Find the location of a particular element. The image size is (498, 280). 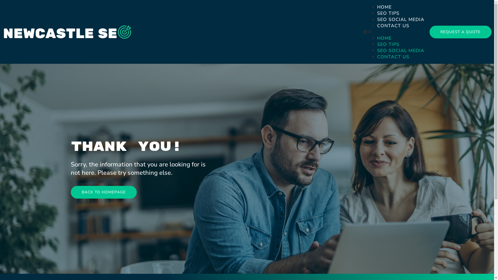

'HOME' is located at coordinates (384, 38).